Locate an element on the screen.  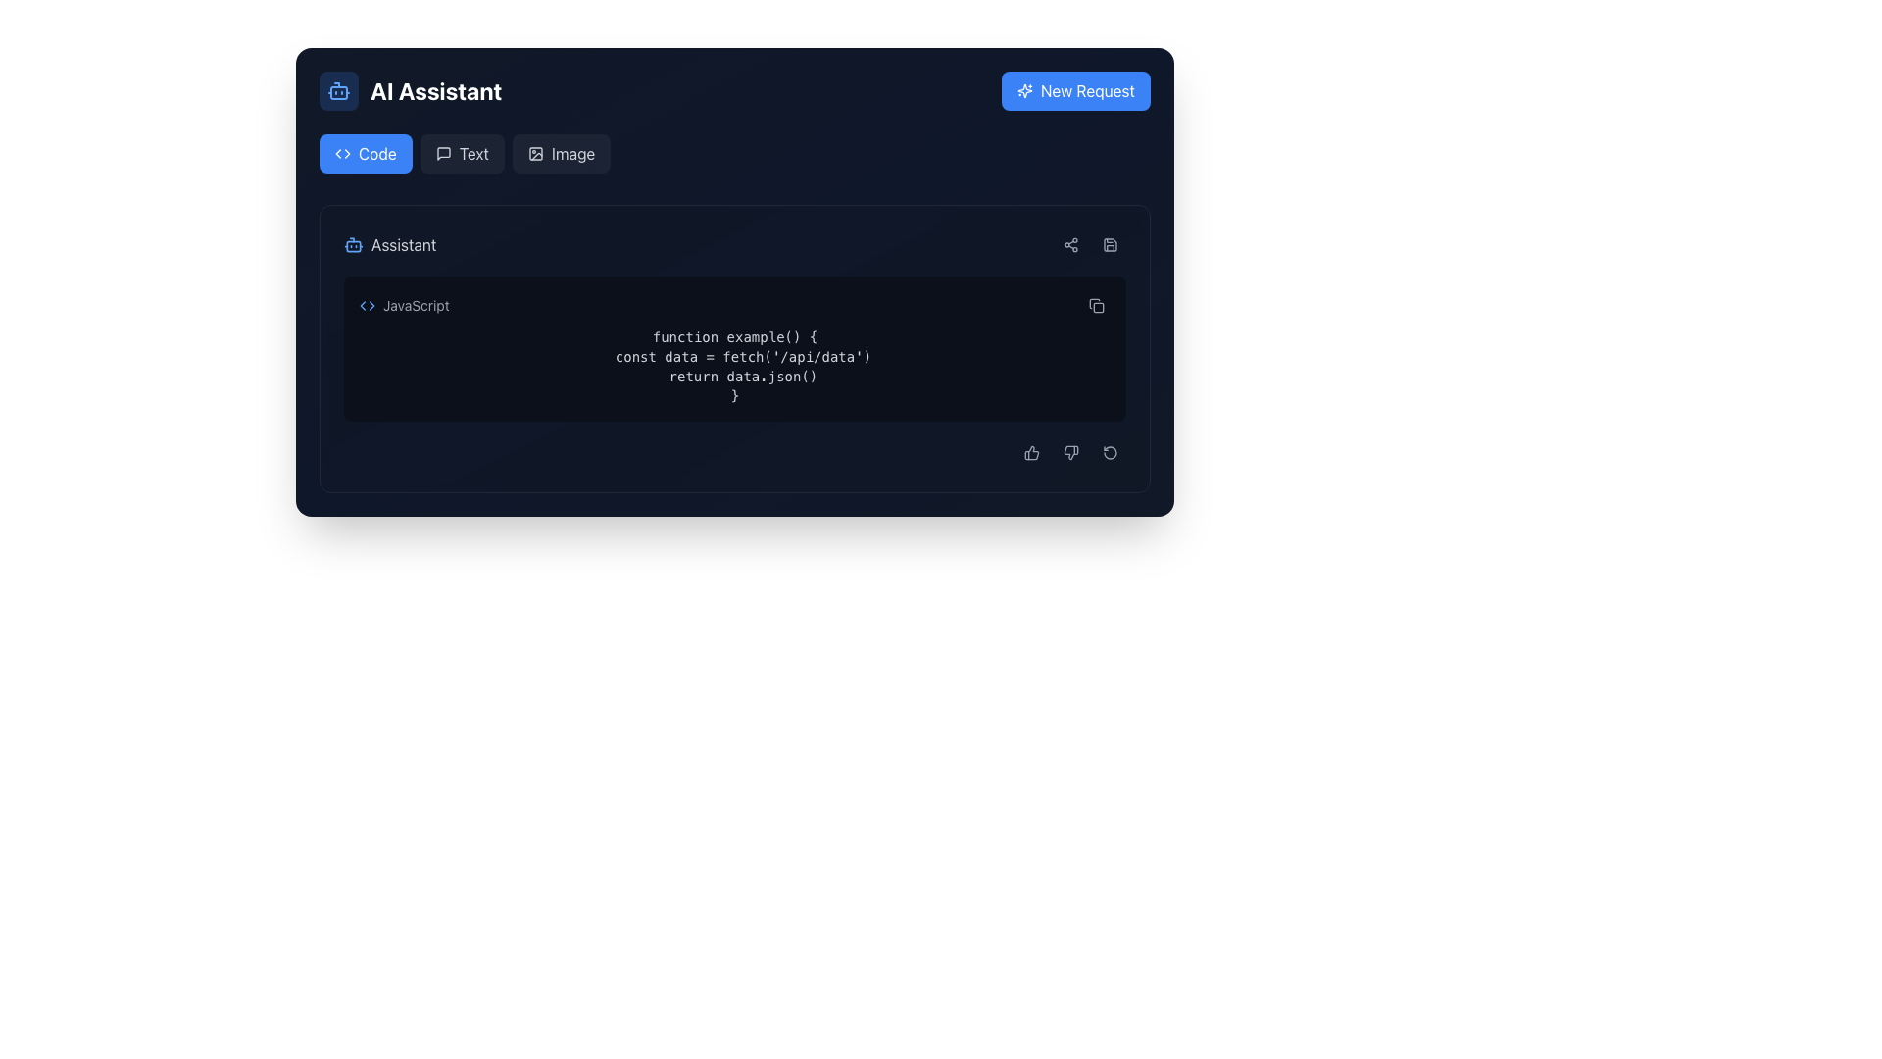
the text within the code block displaying the JavaScript function 'function example() { const data = fetch('/api/data'); return data.json(); }', which is centrally aligned in a dark-themed box is located at coordinates (733, 367).